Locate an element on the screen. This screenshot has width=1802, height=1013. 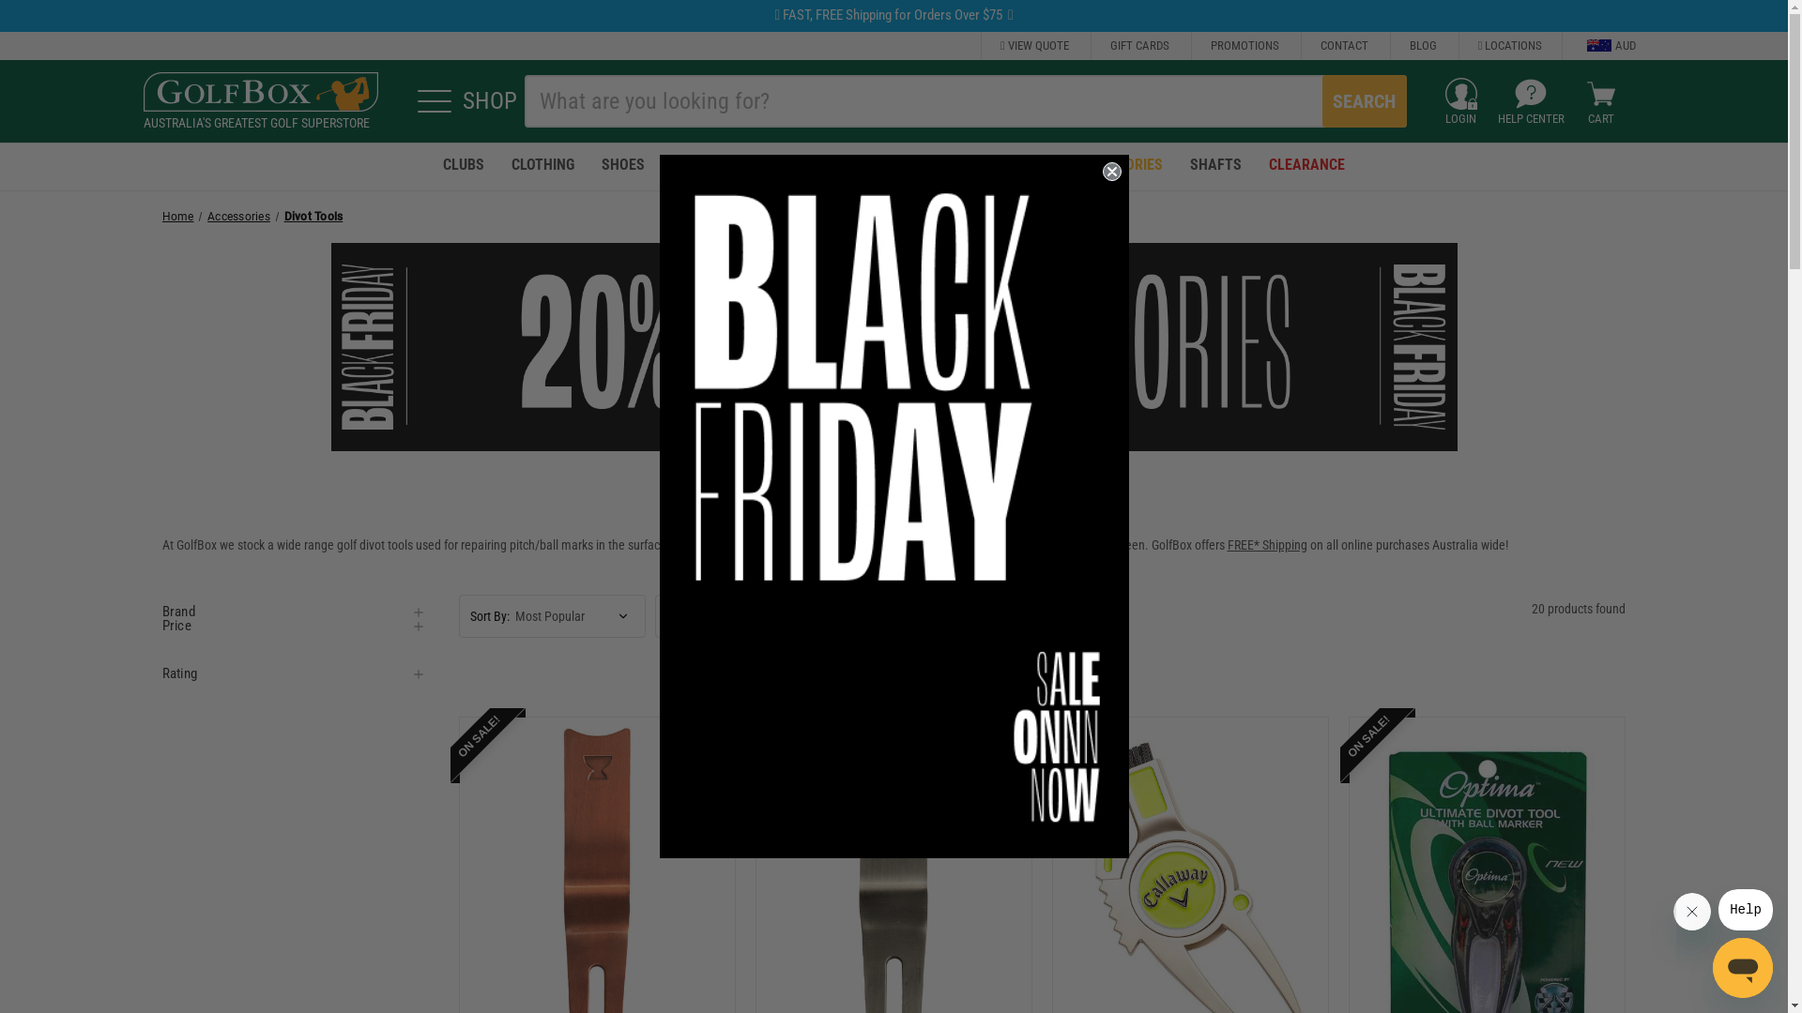
'BAGS' is located at coordinates (757, 165).